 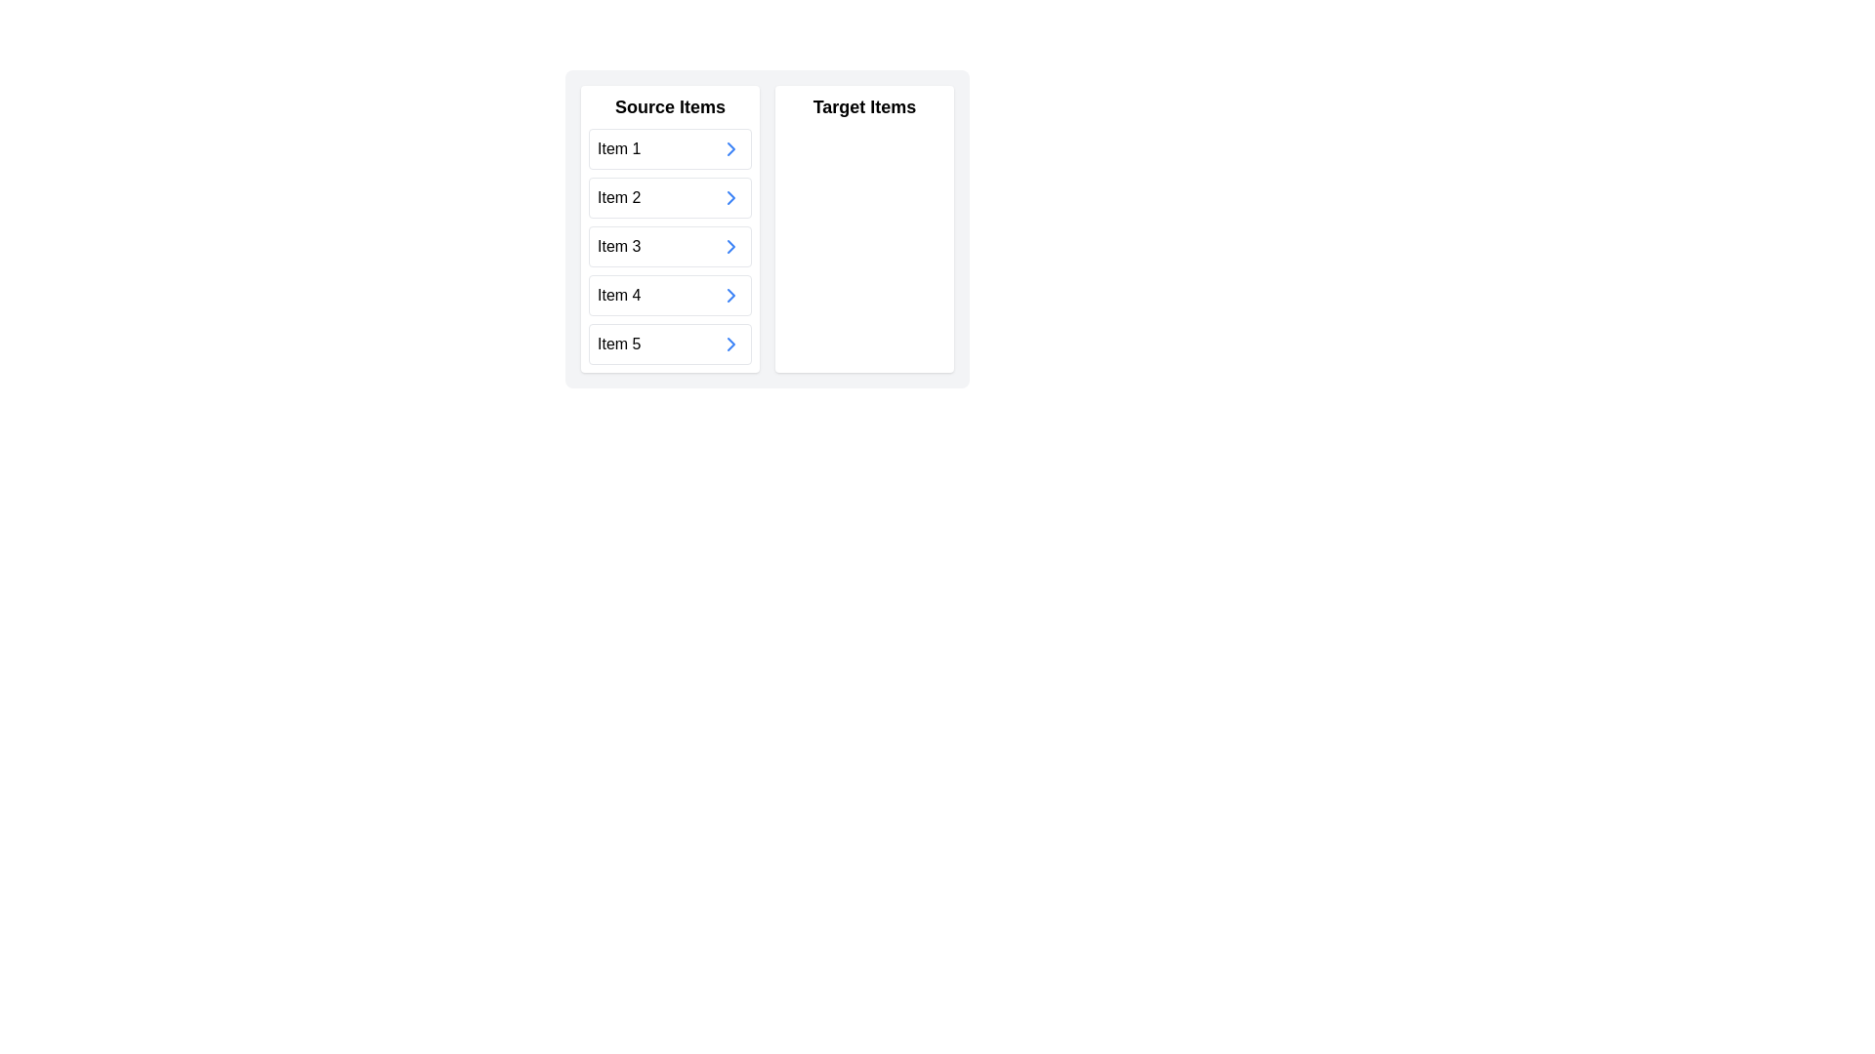 I want to click on the rightward chevron icon within the 'Item 2' list item group, so click(x=729, y=198).